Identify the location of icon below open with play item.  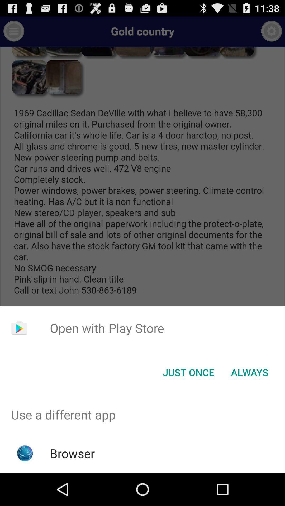
(249, 372).